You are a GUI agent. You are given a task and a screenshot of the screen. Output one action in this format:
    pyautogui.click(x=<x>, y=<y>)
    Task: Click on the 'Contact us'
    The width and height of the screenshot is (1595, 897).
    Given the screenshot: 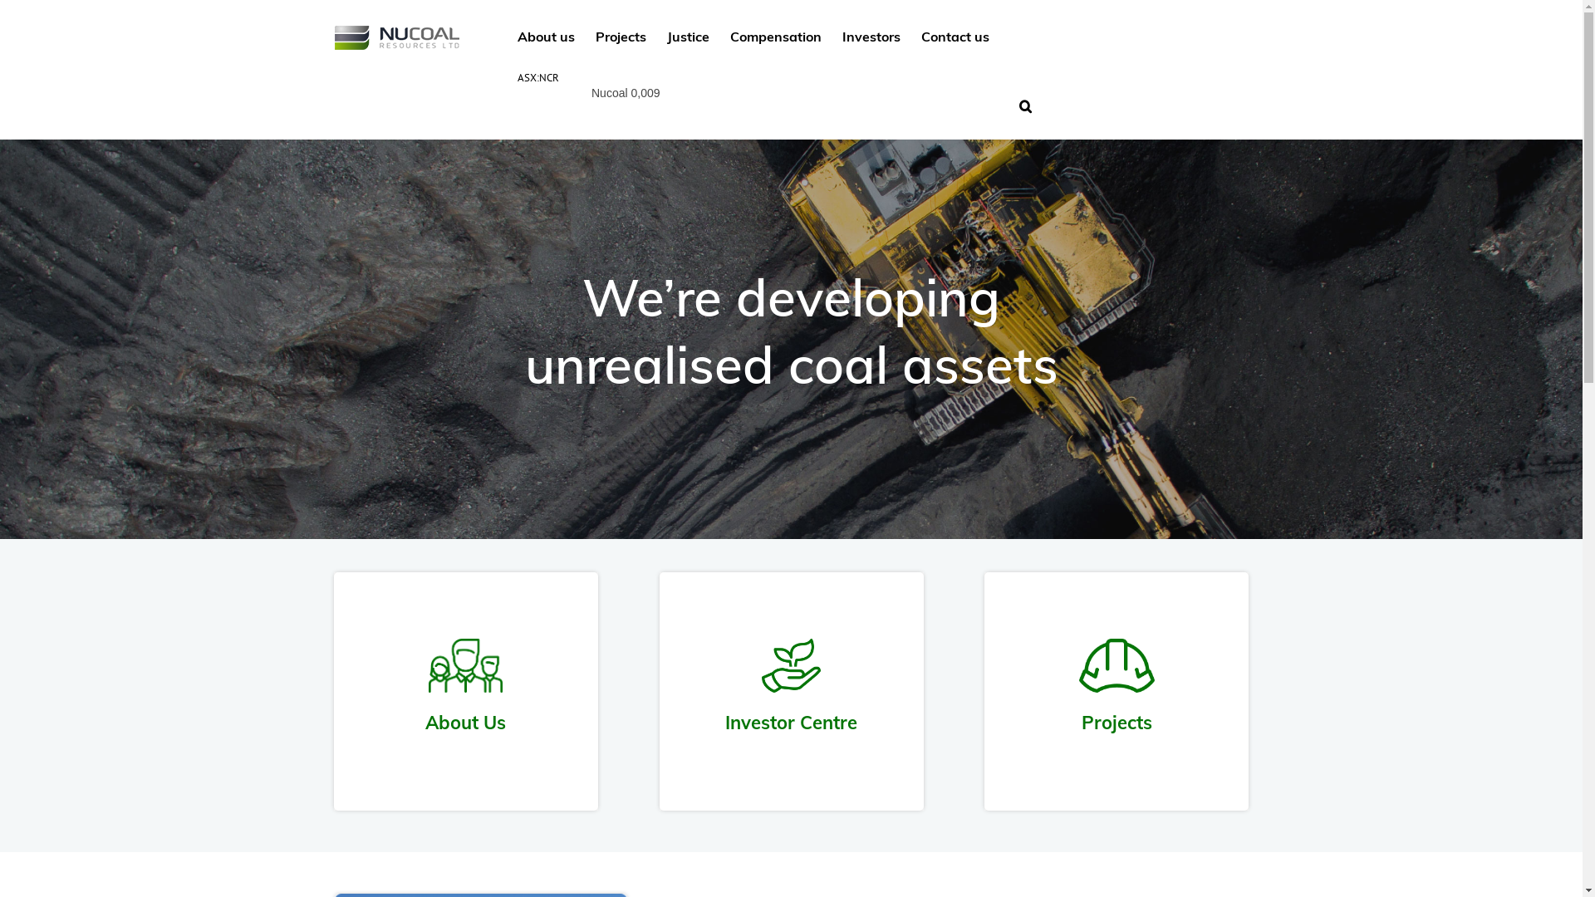 What is the action you would take?
    pyautogui.click(x=954, y=35)
    